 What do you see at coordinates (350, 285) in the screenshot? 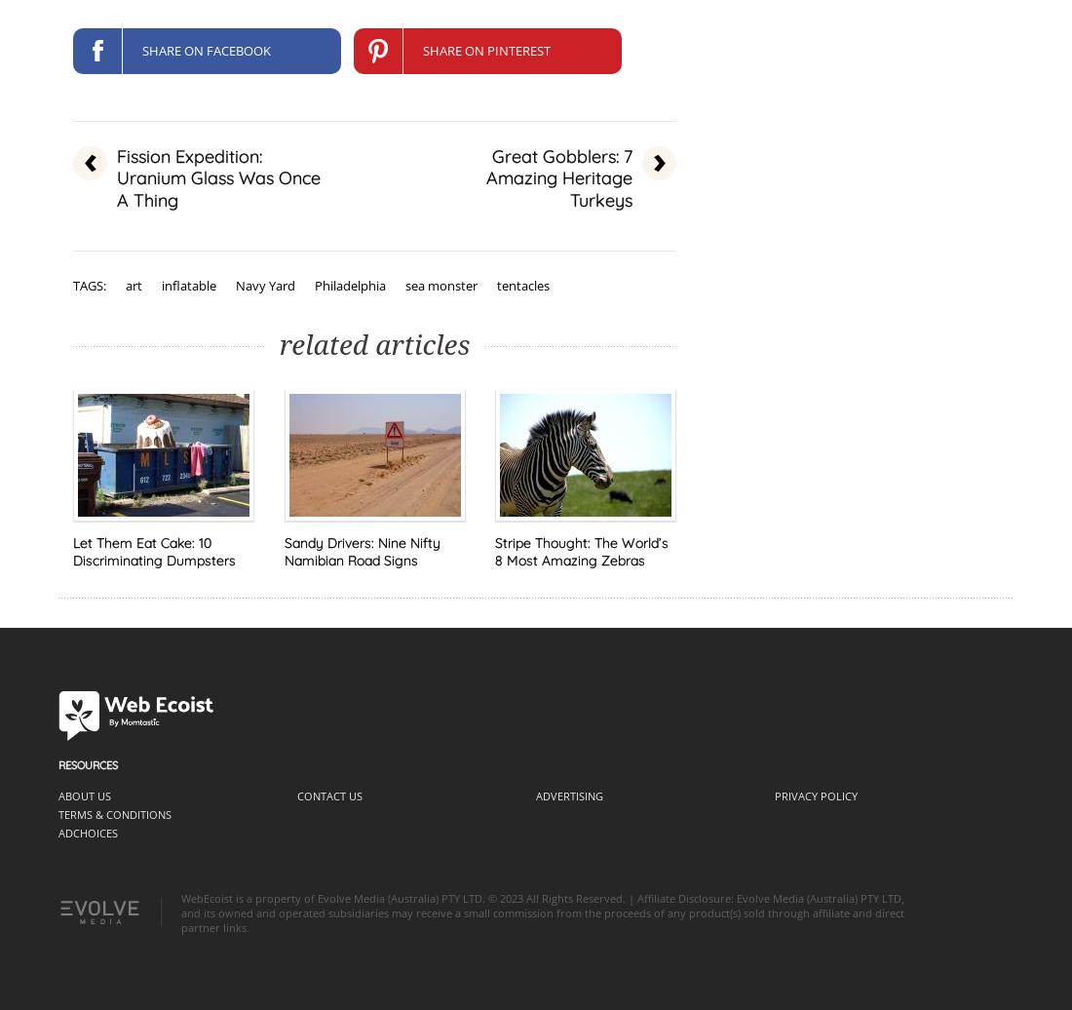
I see `'Philadelphia'` at bounding box center [350, 285].